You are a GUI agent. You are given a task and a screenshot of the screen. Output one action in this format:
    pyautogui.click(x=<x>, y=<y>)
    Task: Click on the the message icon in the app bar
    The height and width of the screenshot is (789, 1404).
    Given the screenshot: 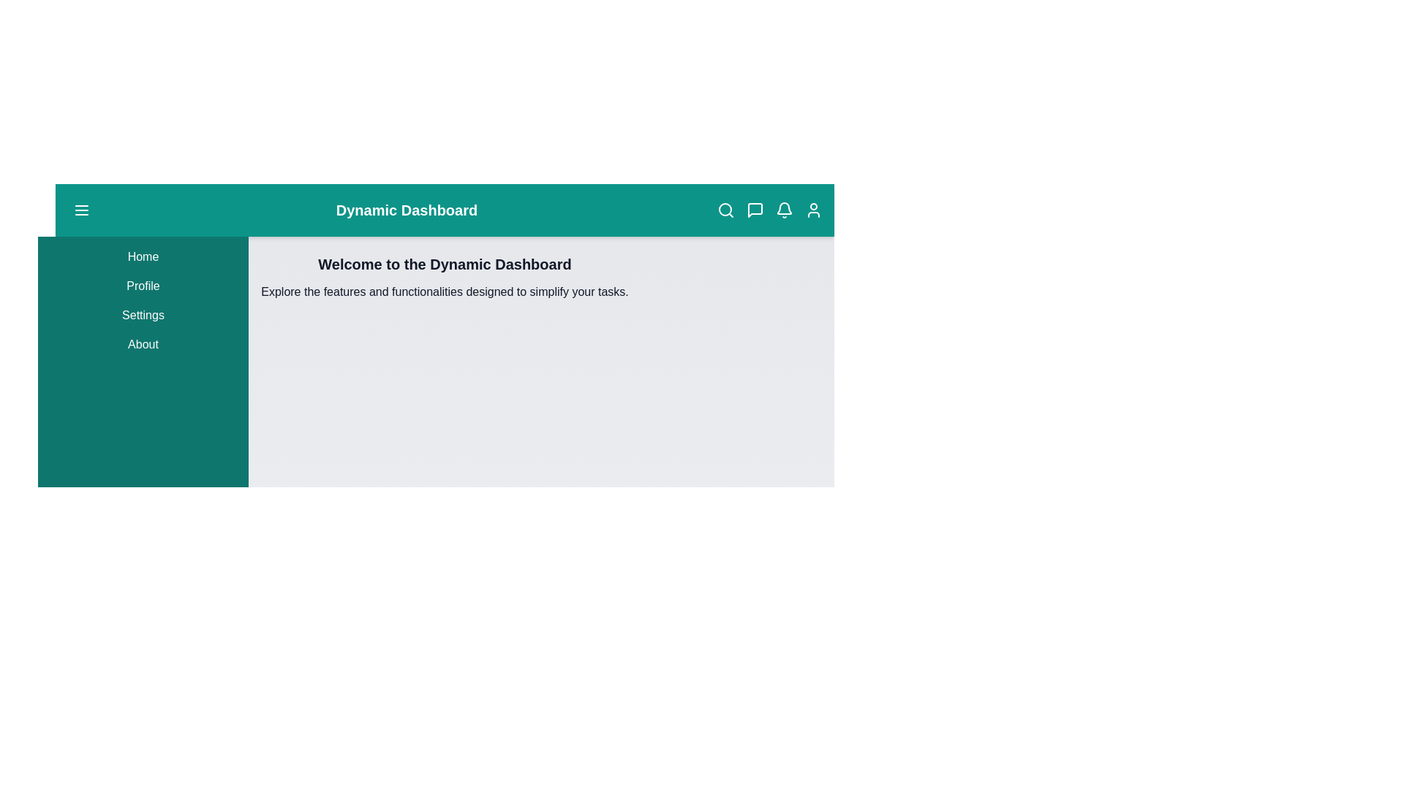 What is the action you would take?
    pyautogui.click(x=755, y=210)
    